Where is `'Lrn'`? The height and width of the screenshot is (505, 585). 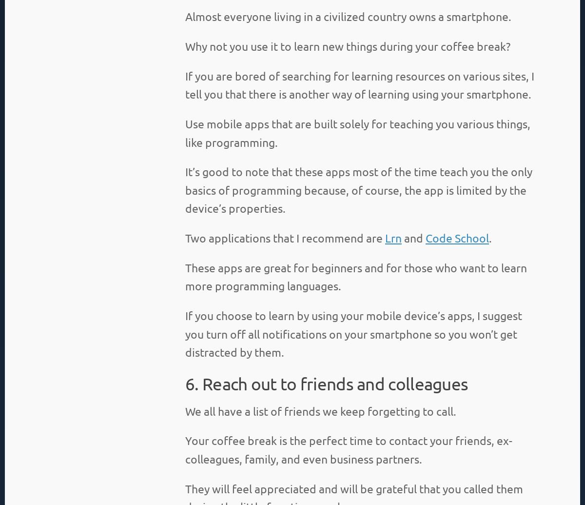
'Lrn' is located at coordinates (384, 238).